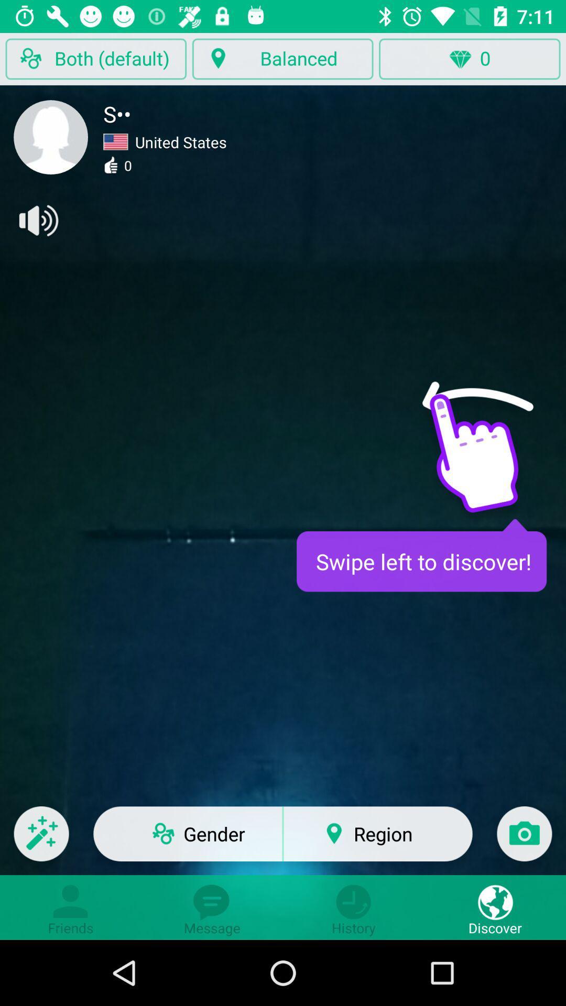 The height and width of the screenshot is (1006, 566). I want to click on sound, so click(37, 220).